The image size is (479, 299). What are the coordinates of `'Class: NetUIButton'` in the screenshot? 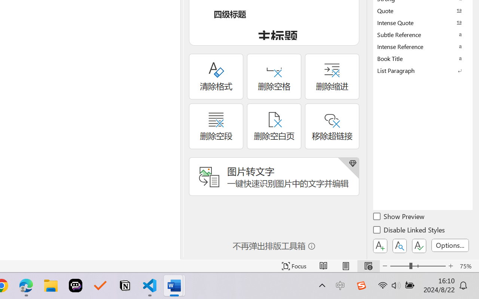 It's located at (419, 246).